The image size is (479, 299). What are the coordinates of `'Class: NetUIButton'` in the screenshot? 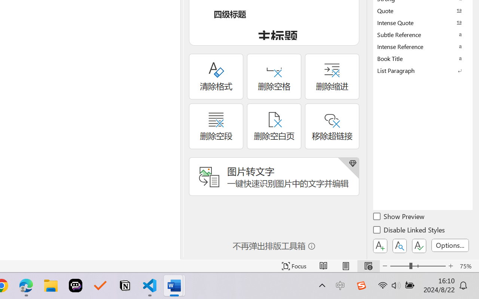 It's located at (419, 246).